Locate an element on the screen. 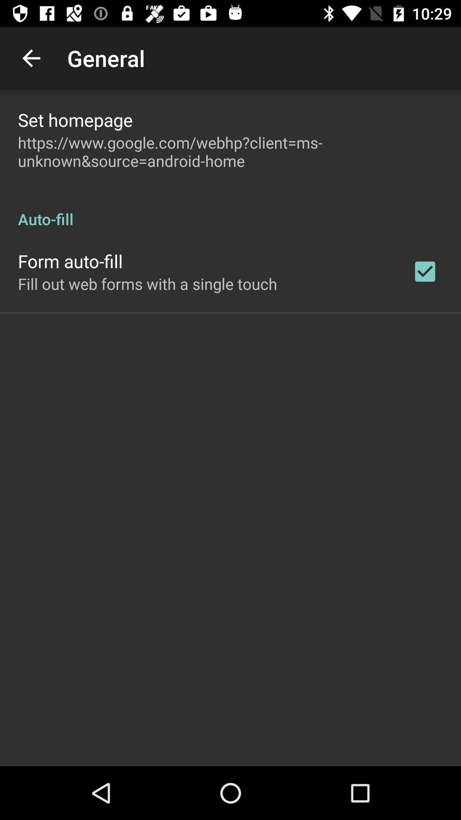 This screenshot has height=820, width=461. app below the auto-fill app is located at coordinates (425, 271).